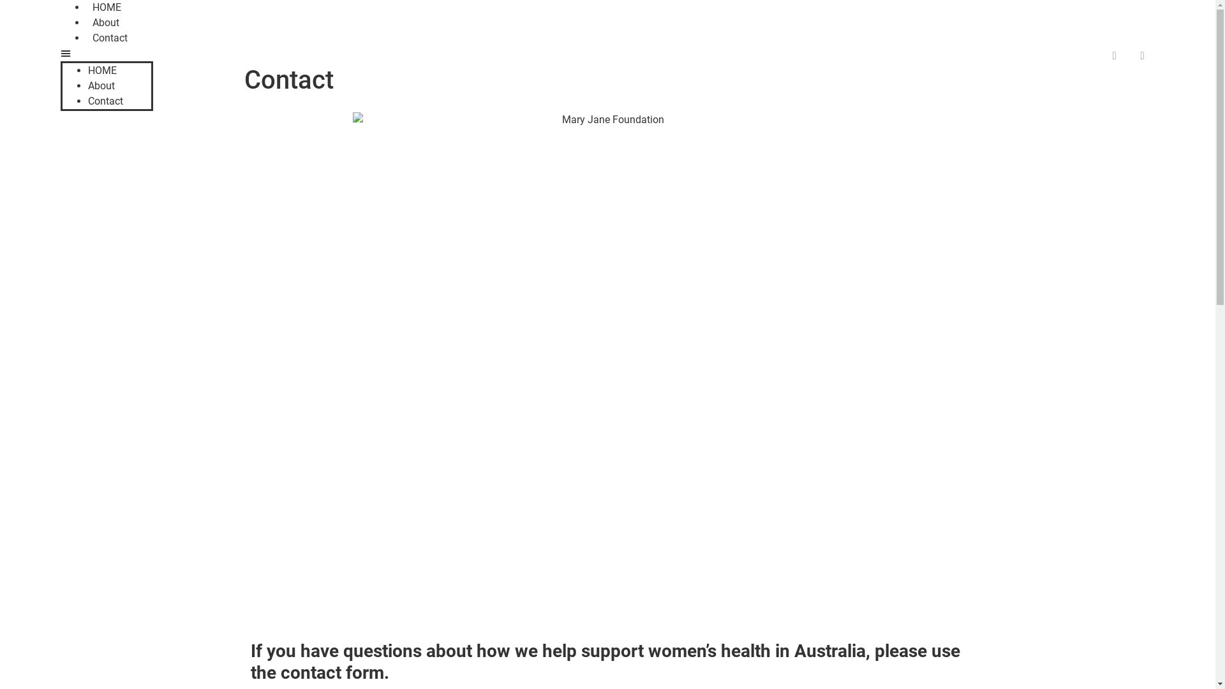  Describe the element at coordinates (105, 100) in the screenshot. I see `'Contact'` at that location.